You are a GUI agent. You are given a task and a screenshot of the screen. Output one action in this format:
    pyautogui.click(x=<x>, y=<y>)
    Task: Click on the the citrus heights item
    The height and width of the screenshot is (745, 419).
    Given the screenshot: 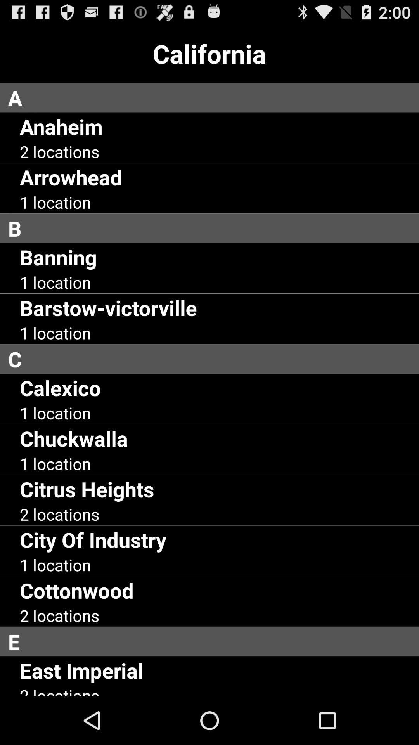 What is the action you would take?
    pyautogui.click(x=87, y=489)
    